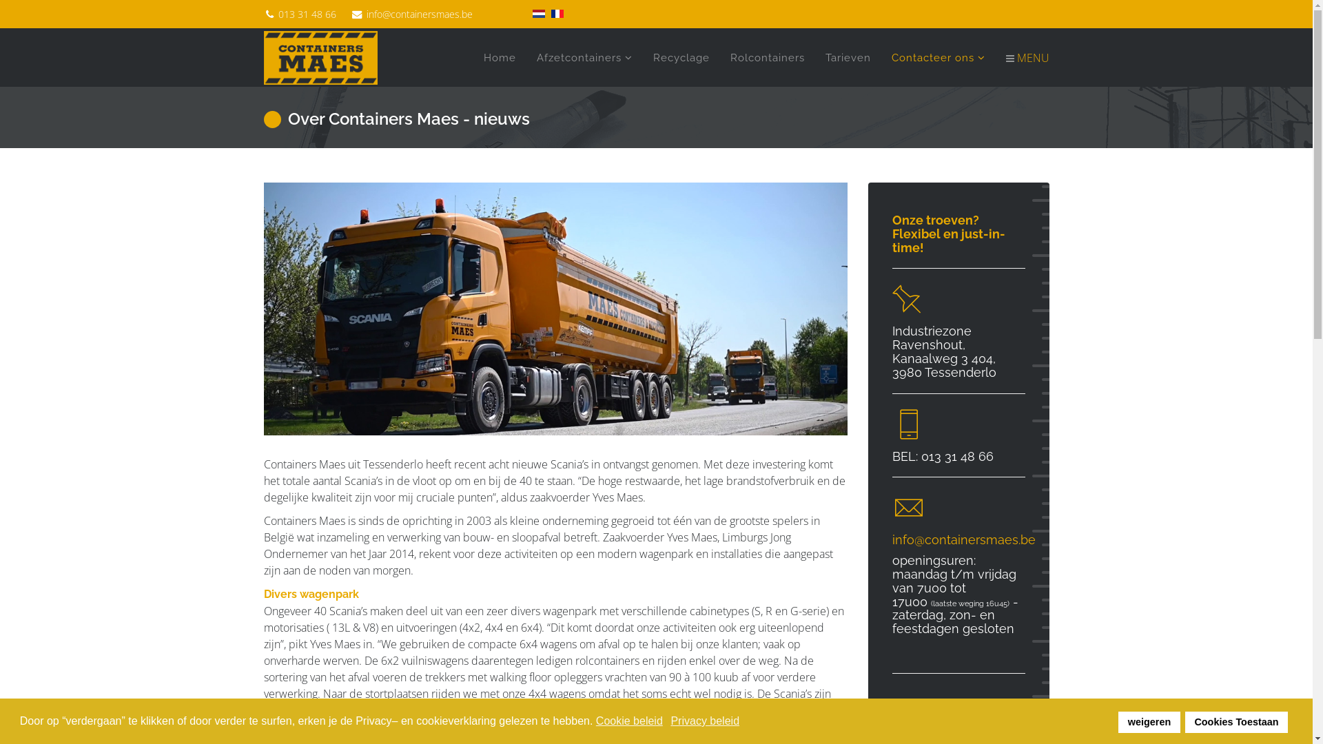  I want to click on 'Home', so click(498, 57).